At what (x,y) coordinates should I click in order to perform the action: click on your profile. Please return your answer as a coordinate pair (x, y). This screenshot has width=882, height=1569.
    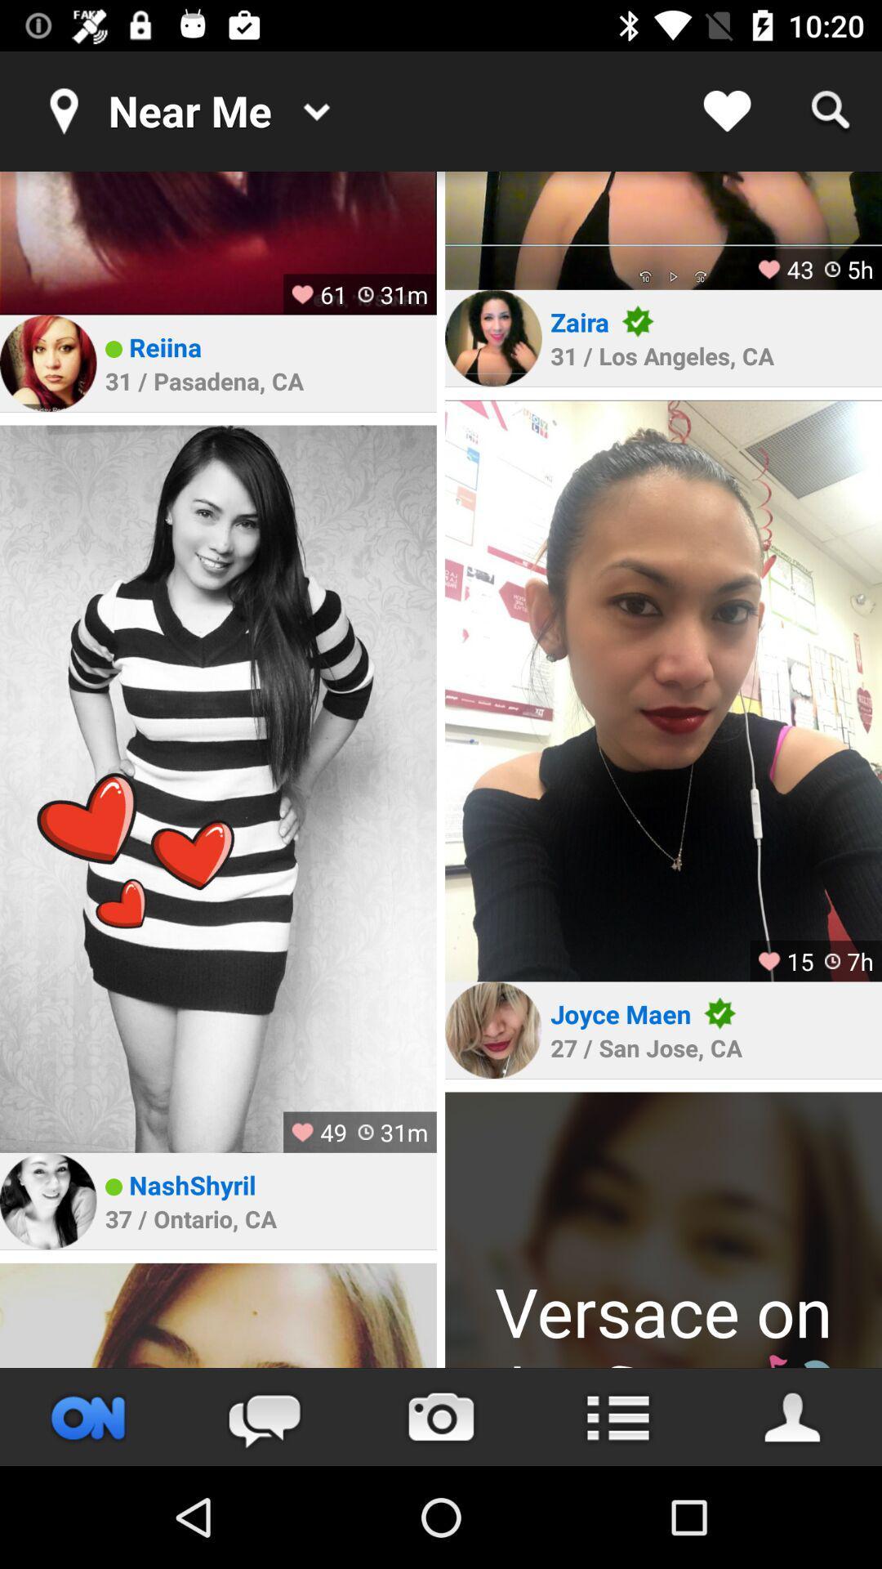
    Looking at the image, I should click on (793, 1416).